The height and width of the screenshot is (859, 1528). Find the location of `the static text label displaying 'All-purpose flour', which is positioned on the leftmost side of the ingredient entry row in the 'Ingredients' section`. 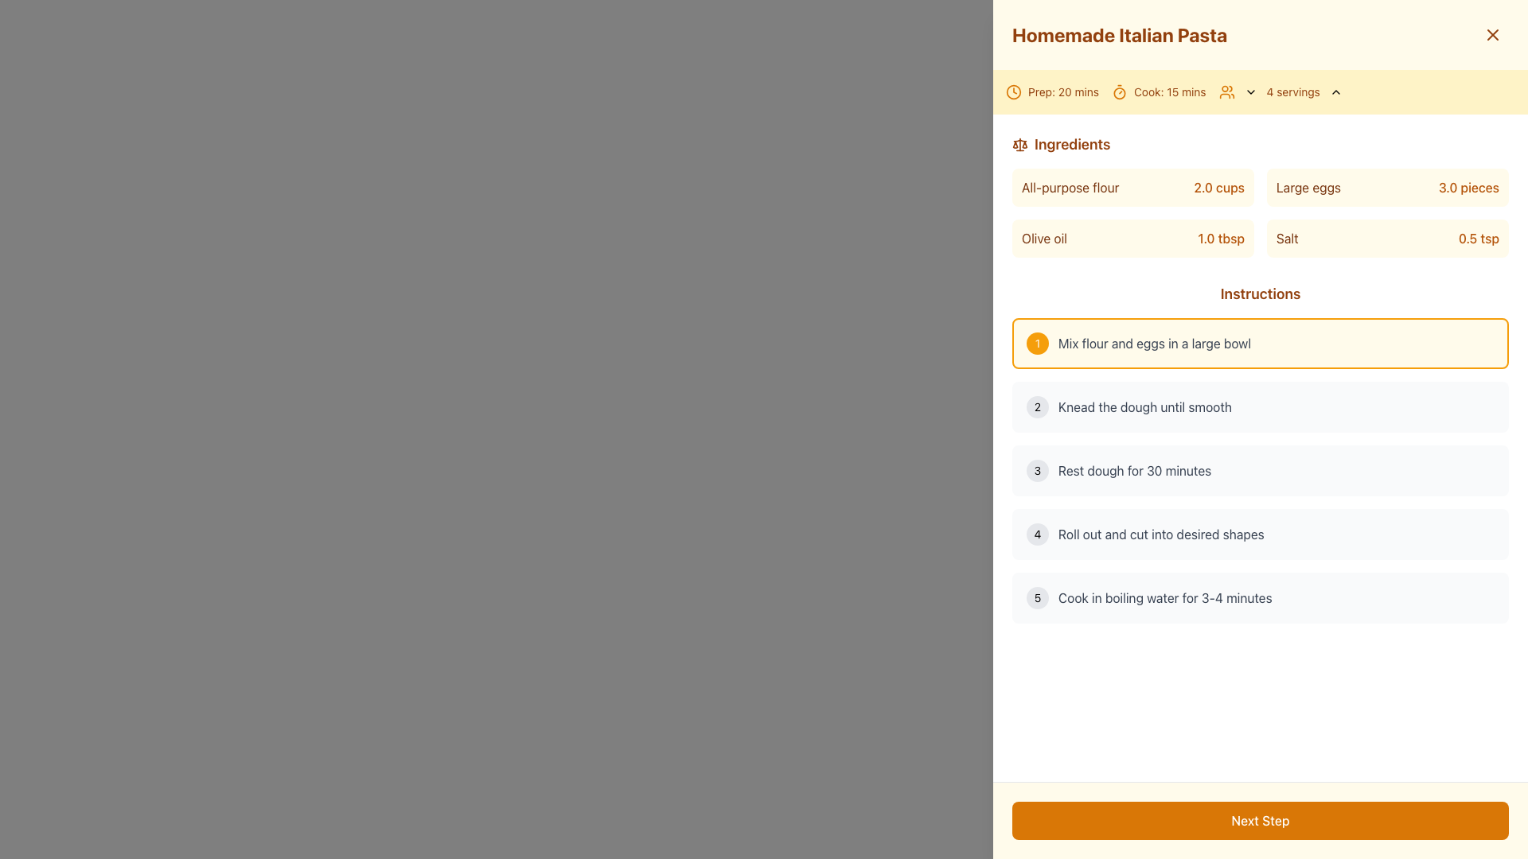

the static text label displaying 'All-purpose flour', which is positioned on the leftmost side of the ingredient entry row in the 'Ingredients' section is located at coordinates (1070, 186).